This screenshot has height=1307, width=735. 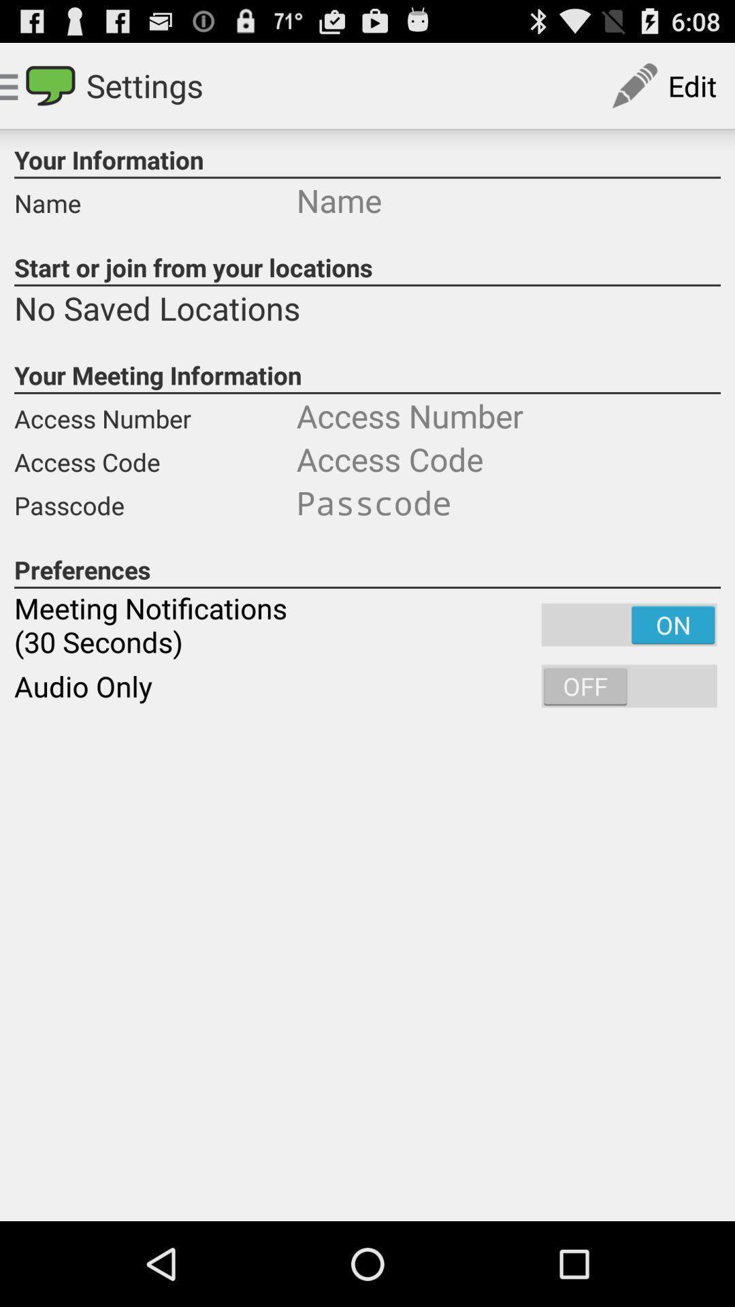 I want to click on display access no, so click(x=508, y=415).